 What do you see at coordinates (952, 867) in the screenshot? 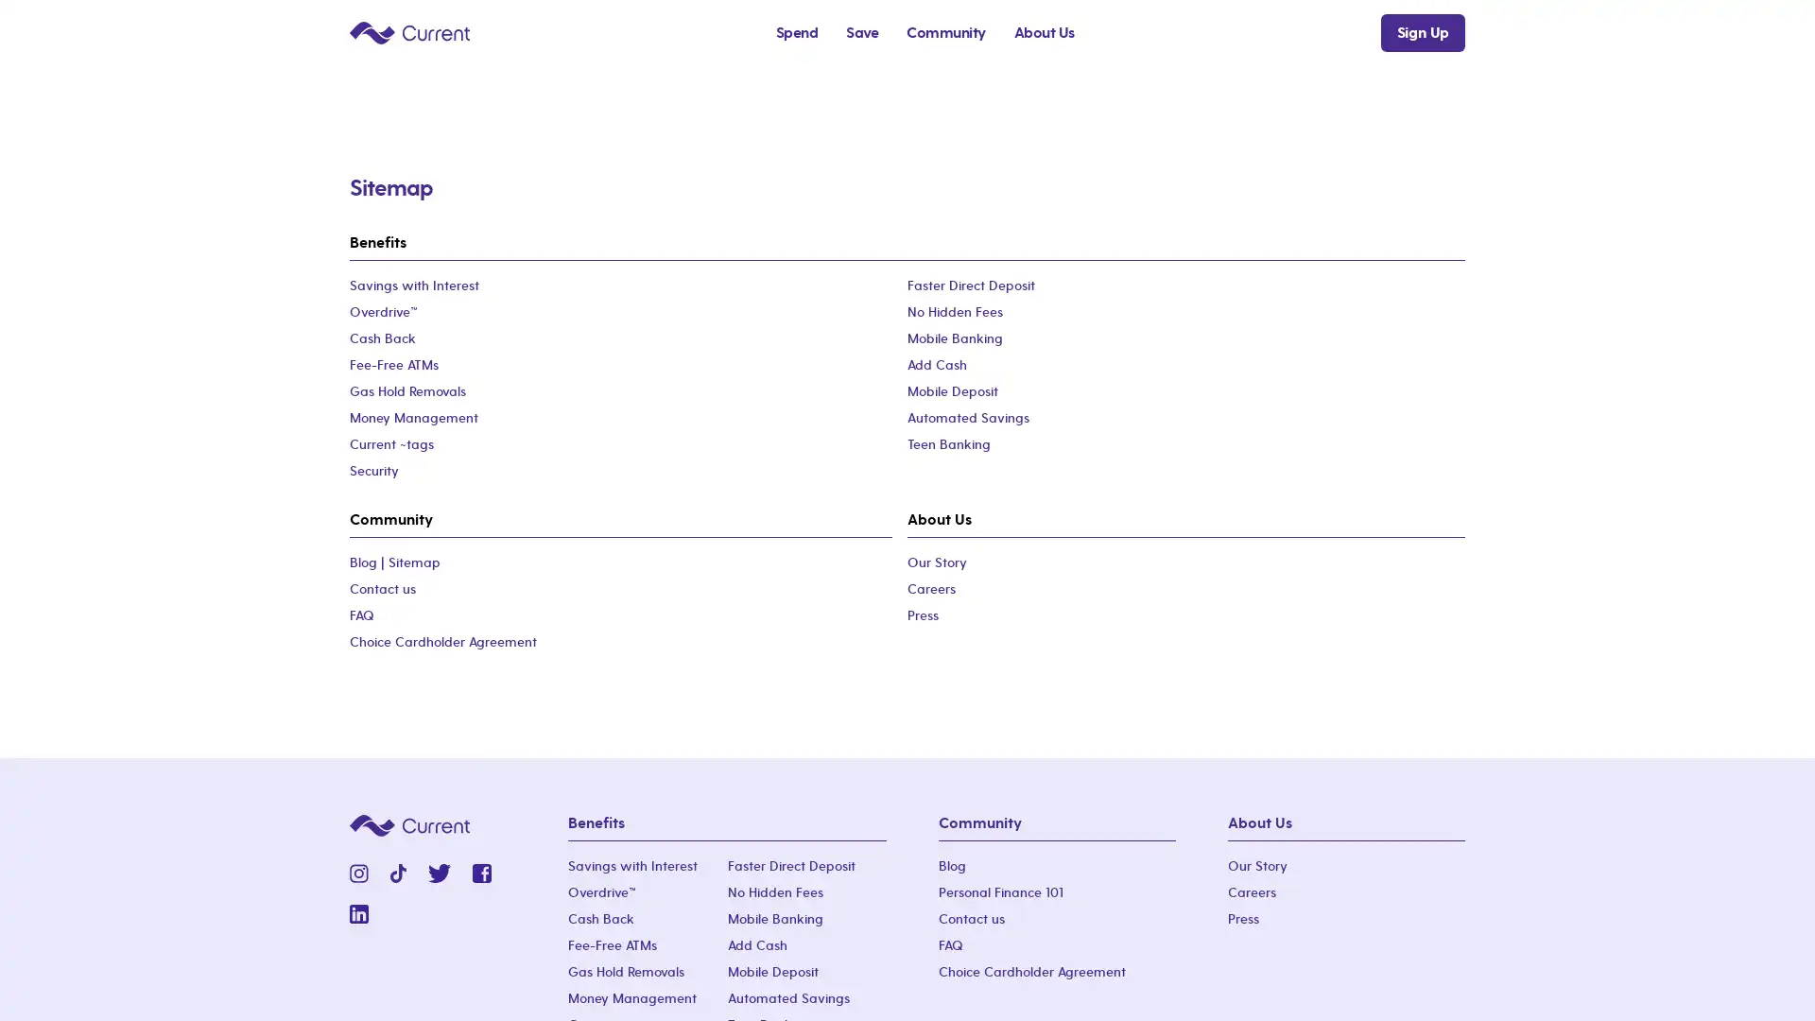
I see `Blog` at bounding box center [952, 867].